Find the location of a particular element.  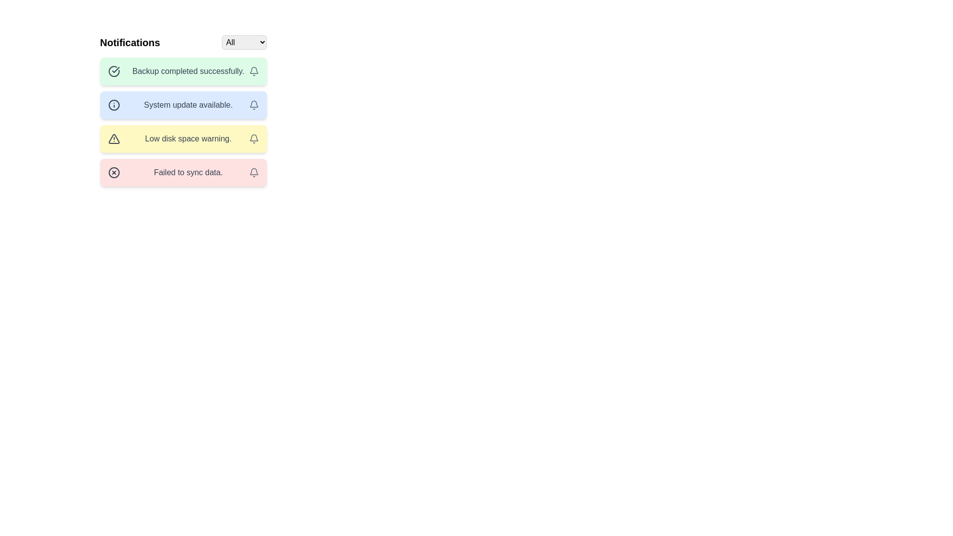

notification text from the second alert box that has a light blue background and contains the text 'System update available.' is located at coordinates (183, 105).